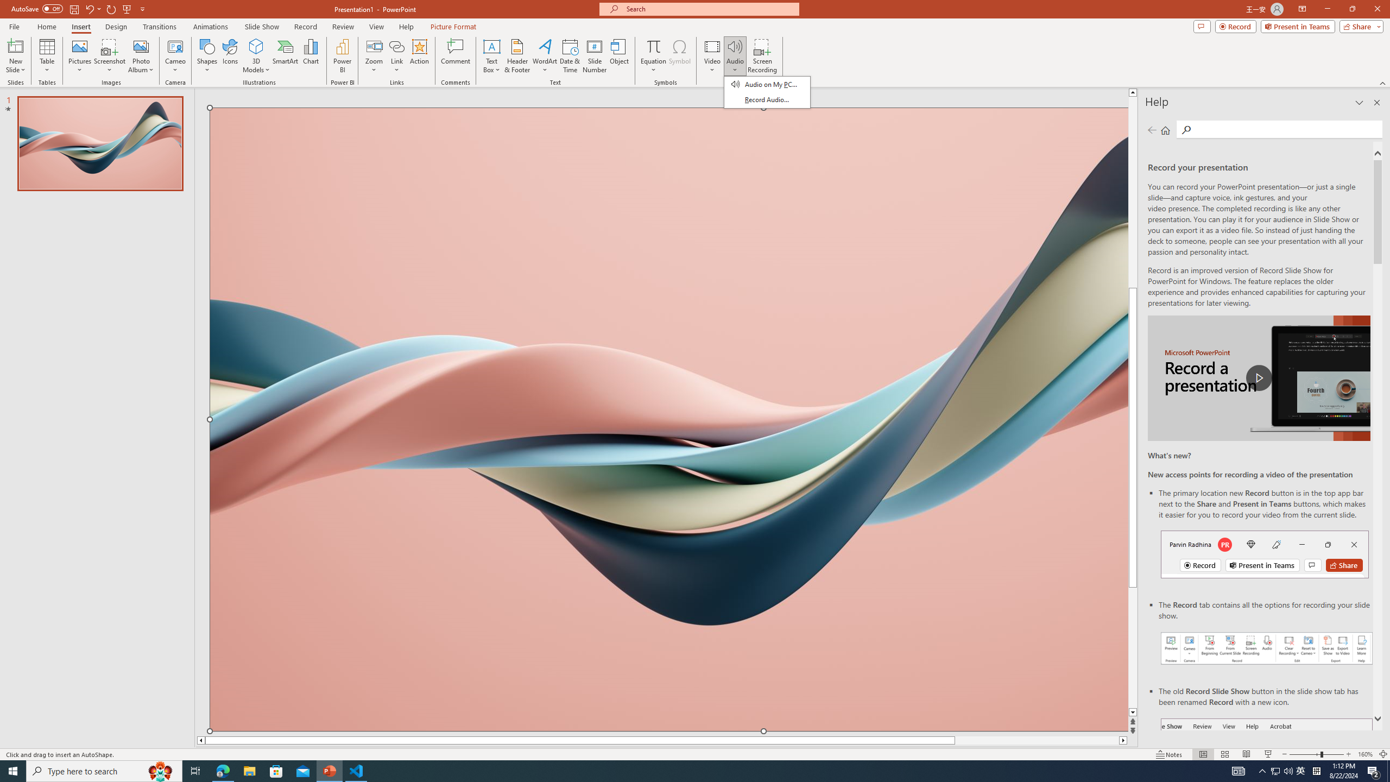 The width and height of the screenshot is (1390, 782). What do you see at coordinates (140, 56) in the screenshot?
I see `'Photo Album...'` at bounding box center [140, 56].